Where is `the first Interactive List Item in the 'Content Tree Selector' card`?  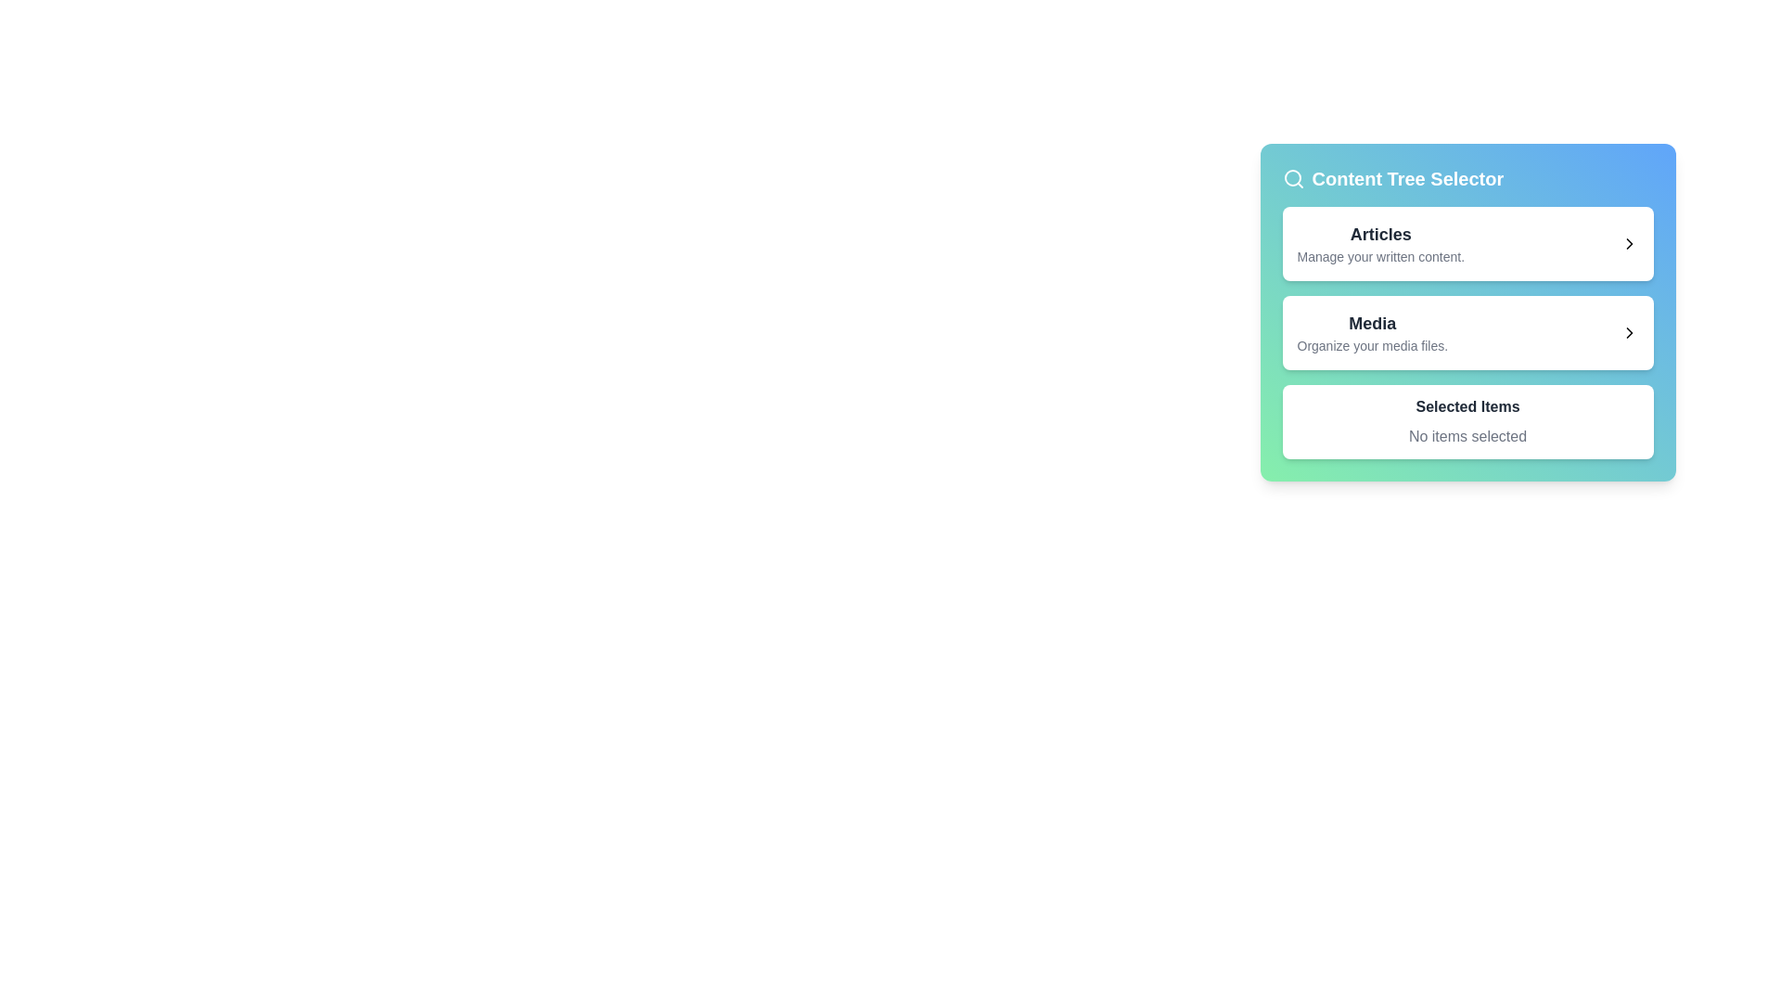
the first Interactive List Item in the 'Content Tree Selector' card is located at coordinates (1467, 242).